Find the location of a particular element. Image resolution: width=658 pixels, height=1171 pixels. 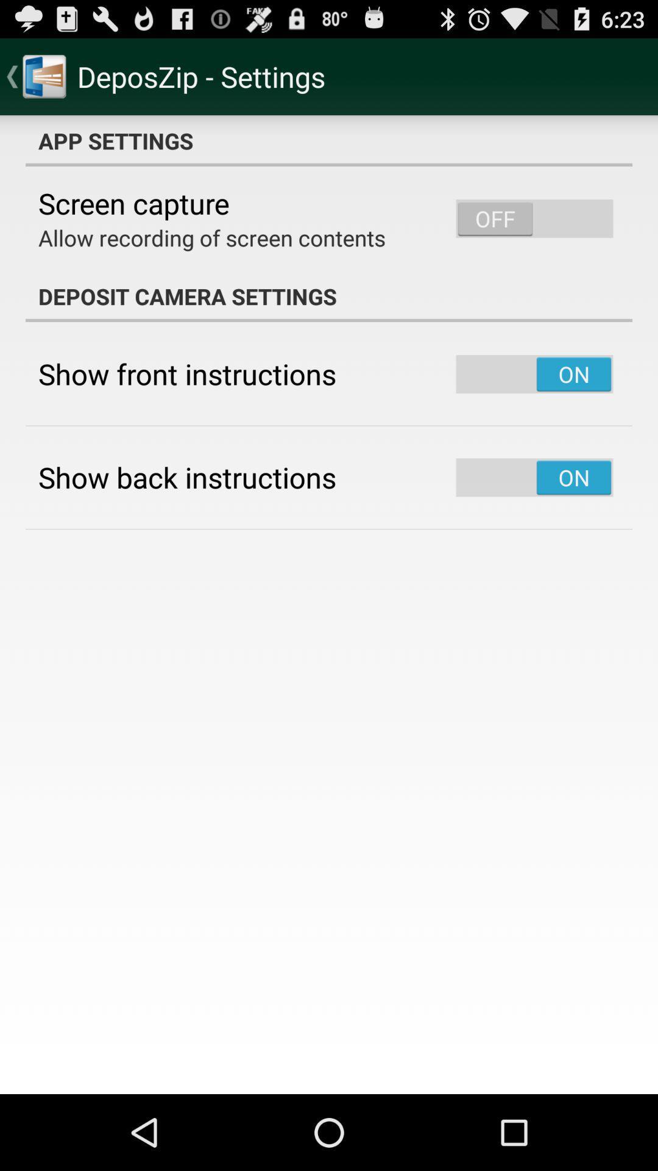

the app settings item is located at coordinates (329, 140).